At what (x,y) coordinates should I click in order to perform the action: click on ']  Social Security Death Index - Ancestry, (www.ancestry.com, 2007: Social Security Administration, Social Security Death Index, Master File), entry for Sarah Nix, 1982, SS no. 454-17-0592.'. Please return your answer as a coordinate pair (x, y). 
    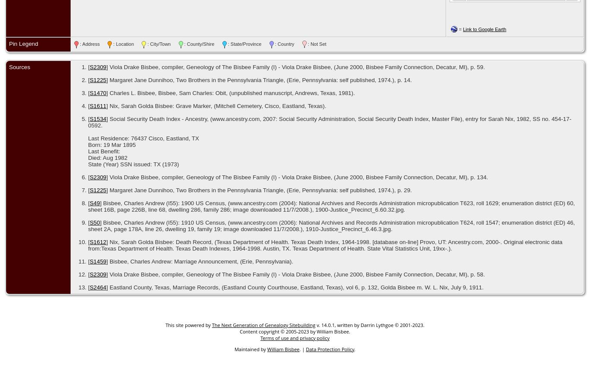
    Looking at the image, I should click on (87, 121).